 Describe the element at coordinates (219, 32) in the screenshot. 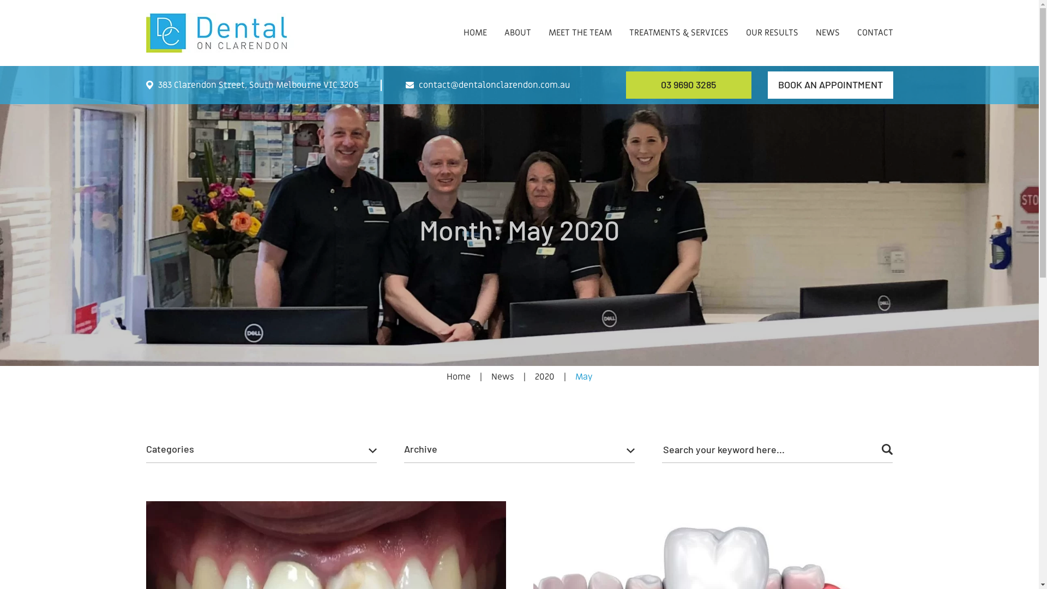

I see `'Dental on Clarendon'` at that location.